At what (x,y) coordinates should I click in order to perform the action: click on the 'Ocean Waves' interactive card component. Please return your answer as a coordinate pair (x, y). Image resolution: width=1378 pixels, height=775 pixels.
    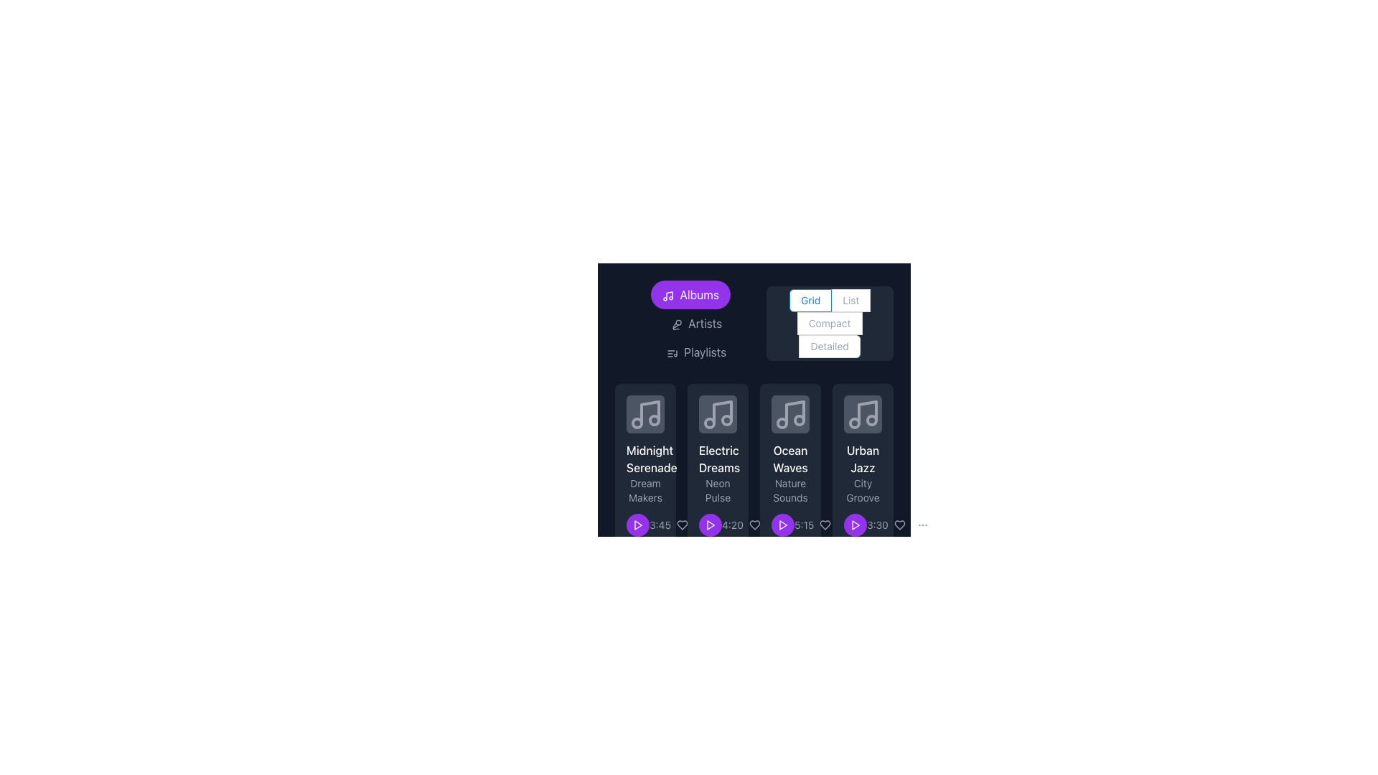
    Looking at the image, I should click on (789, 466).